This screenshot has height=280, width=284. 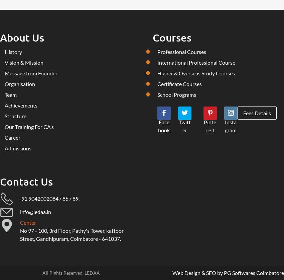 What do you see at coordinates (12, 137) in the screenshot?
I see `'Career'` at bounding box center [12, 137].